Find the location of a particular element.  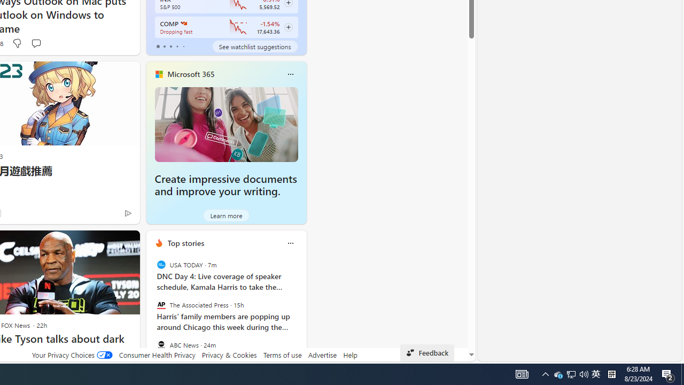

'tab-1' is located at coordinates (164, 46).